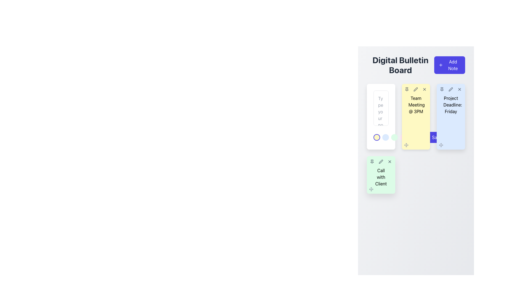 Image resolution: width=530 pixels, height=298 pixels. I want to click on the pin icon located in the top-left corner of the yellow note labeled 'Team Meeting @ 3 PM', so click(407, 89).